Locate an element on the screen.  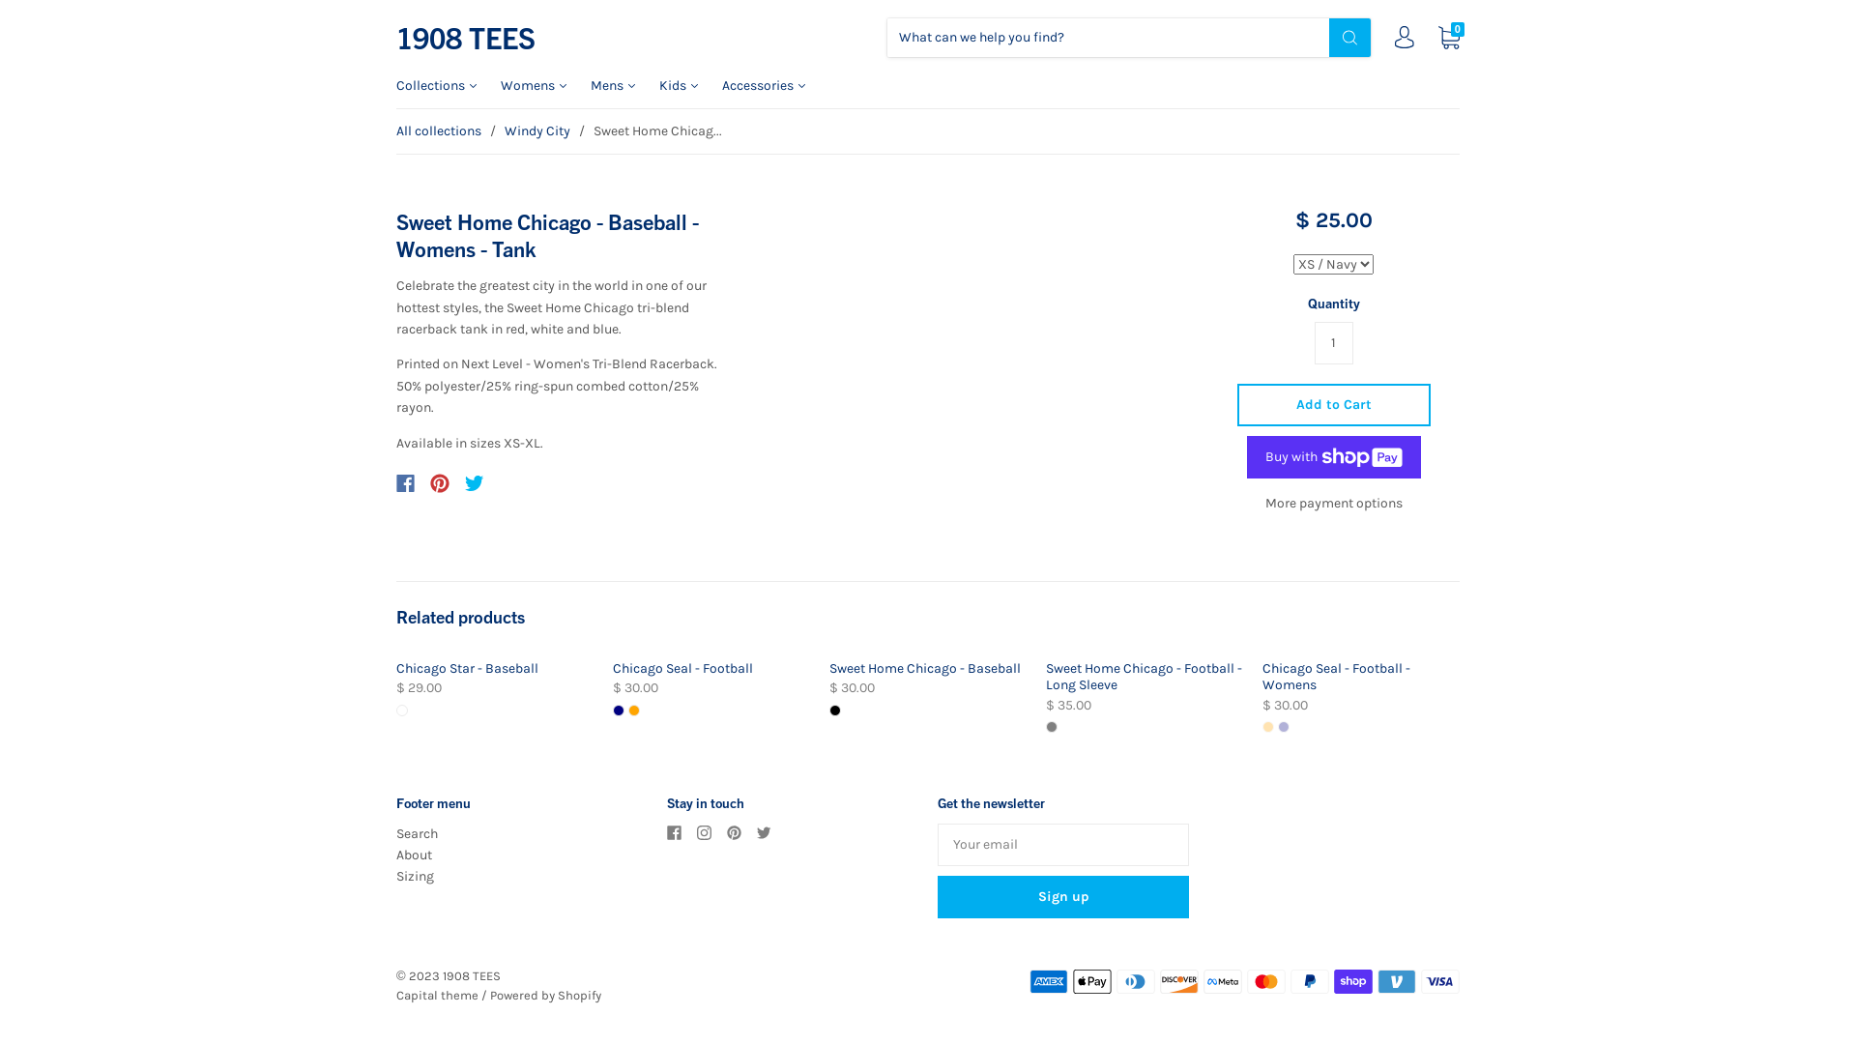
'Collections' is located at coordinates (448, 84).